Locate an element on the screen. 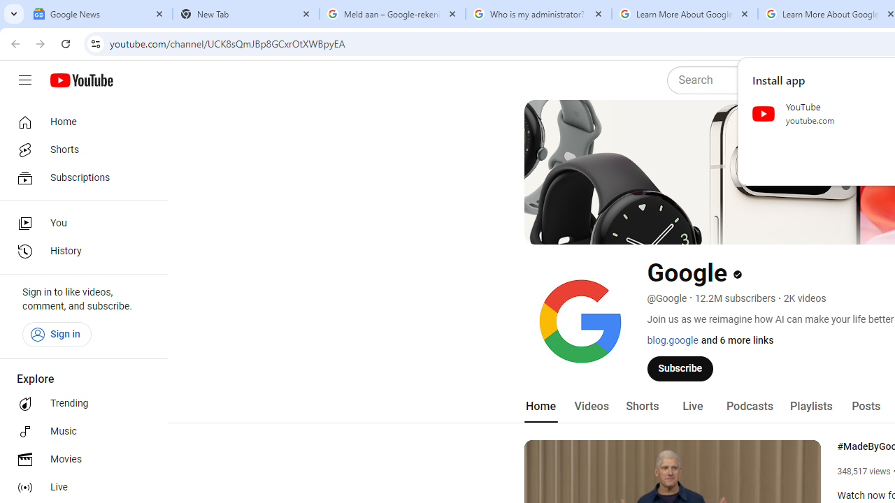  'Podcasts' is located at coordinates (749, 406).